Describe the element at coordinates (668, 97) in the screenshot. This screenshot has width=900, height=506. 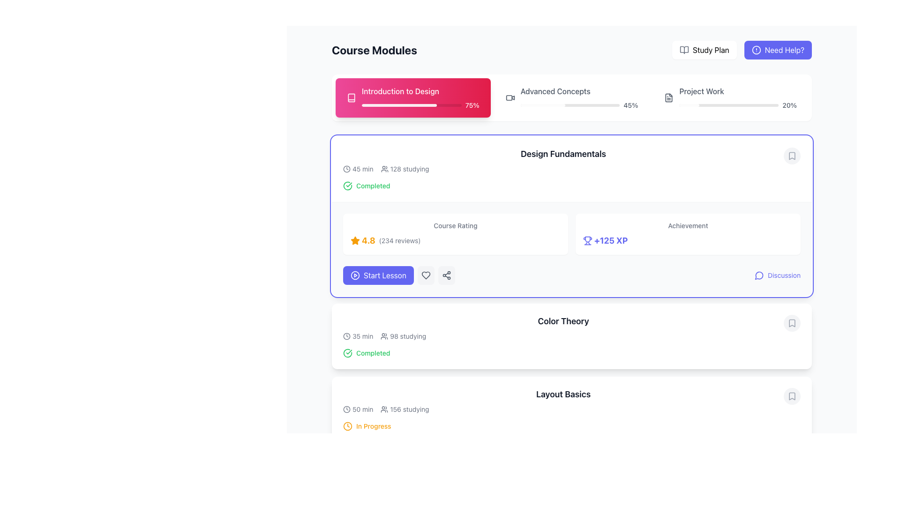
I see `the folder/document icon located on the right side of the 'Advanced Concepts' and 'Project Work' progress indicators` at that location.